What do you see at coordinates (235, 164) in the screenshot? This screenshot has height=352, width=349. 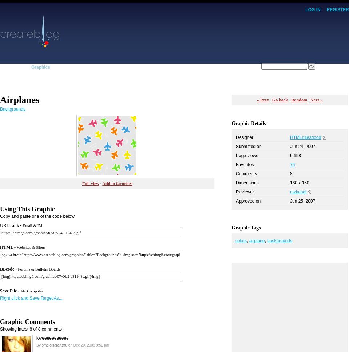 I see `'Favorites'` at bounding box center [235, 164].